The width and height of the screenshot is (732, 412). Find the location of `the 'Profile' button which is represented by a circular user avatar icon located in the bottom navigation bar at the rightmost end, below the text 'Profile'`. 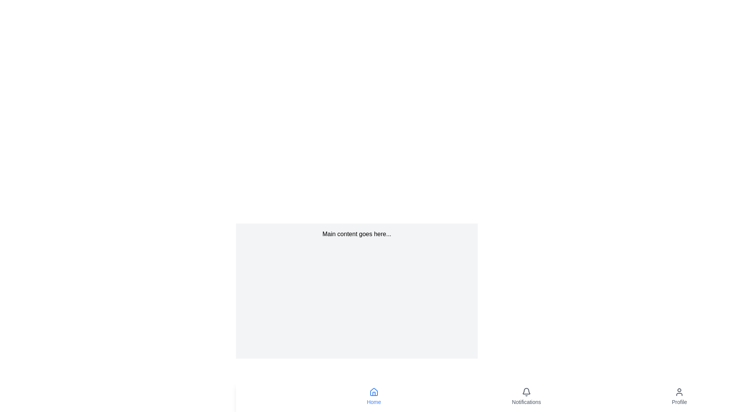

the 'Profile' button which is represented by a circular user avatar icon located in the bottom navigation bar at the rightmost end, below the text 'Profile' is located at coordinates (679, 396).